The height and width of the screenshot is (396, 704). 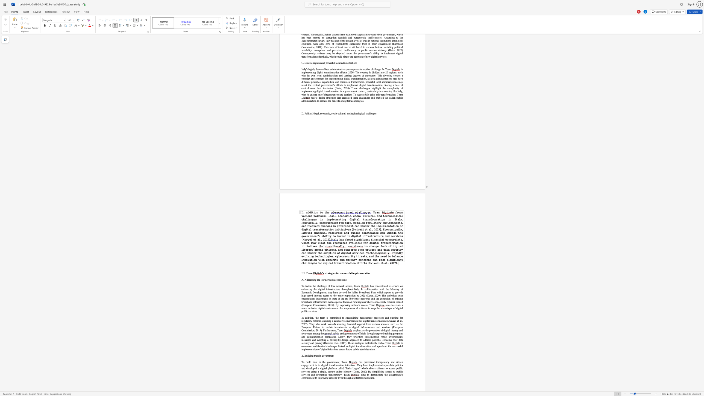 What do you see at coordinates (369, 113) in the screenshot?
I see `the 9th character "l" in the text` at bounding box center [369, 113].